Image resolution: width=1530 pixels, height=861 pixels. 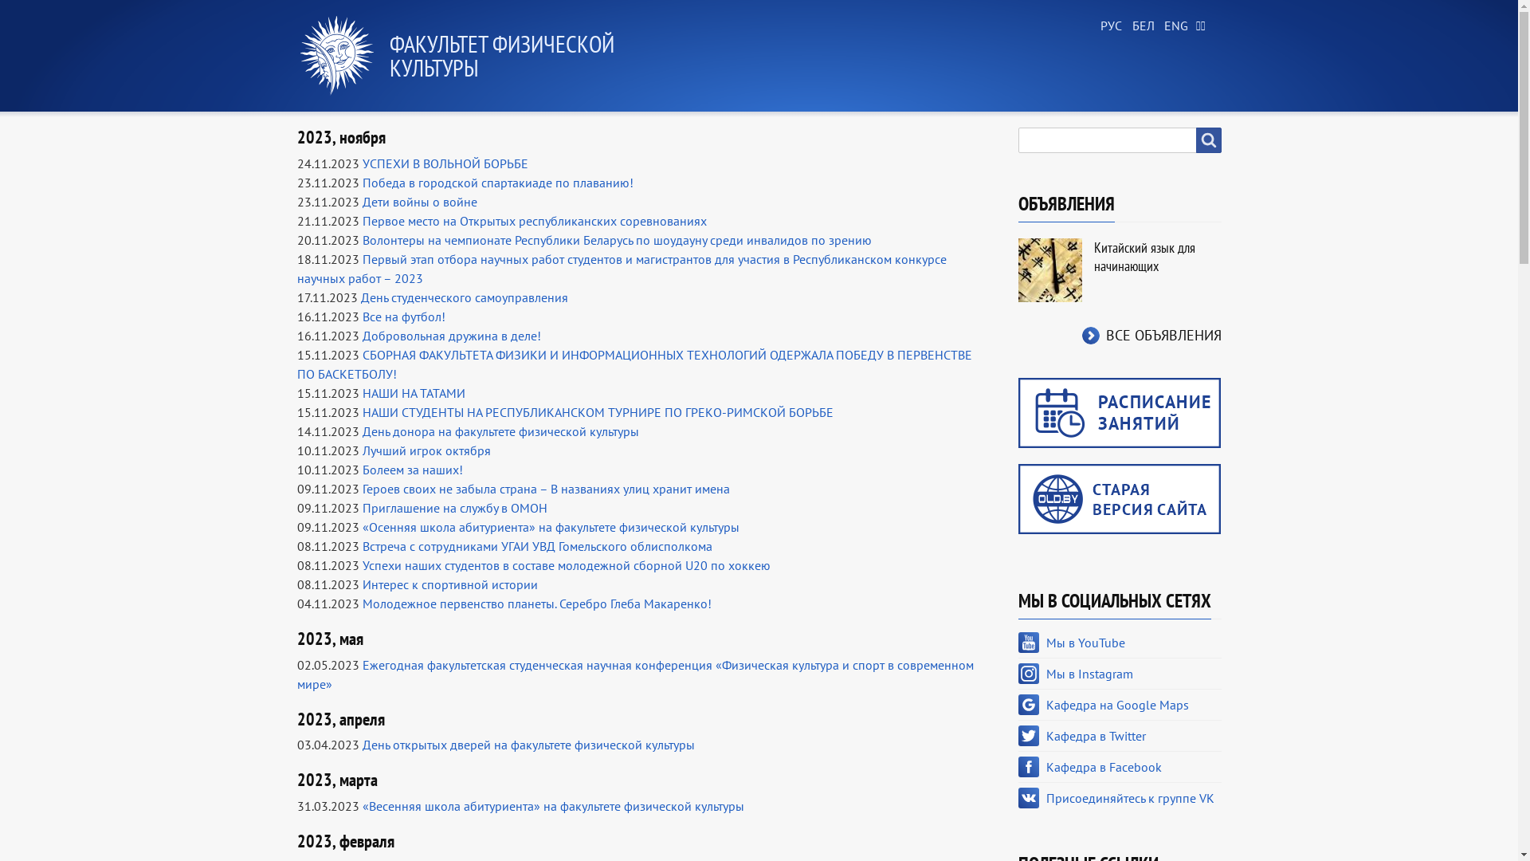 I want to click on 'Belarusian', so click(x=1140, y=26).